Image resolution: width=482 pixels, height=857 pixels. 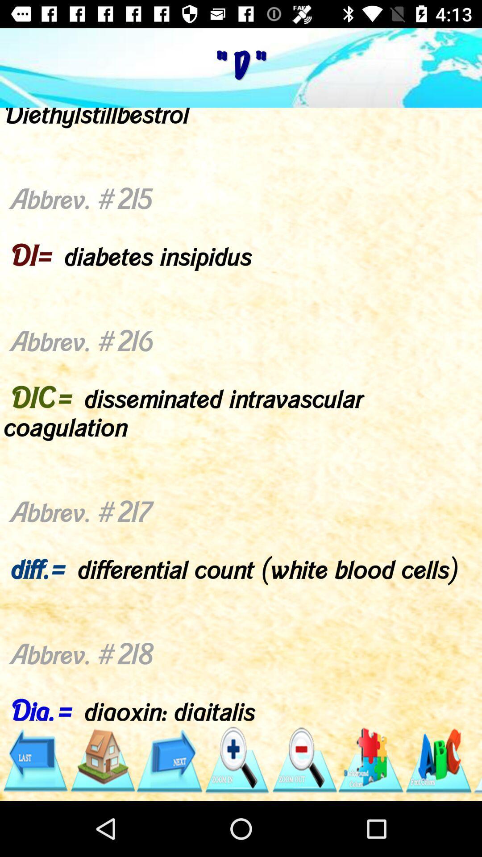 What do you see at coordinates (371, 760) in the screenshot?
I see `item below abbrev 	209	 	d app` at bounding box center [371, 760].